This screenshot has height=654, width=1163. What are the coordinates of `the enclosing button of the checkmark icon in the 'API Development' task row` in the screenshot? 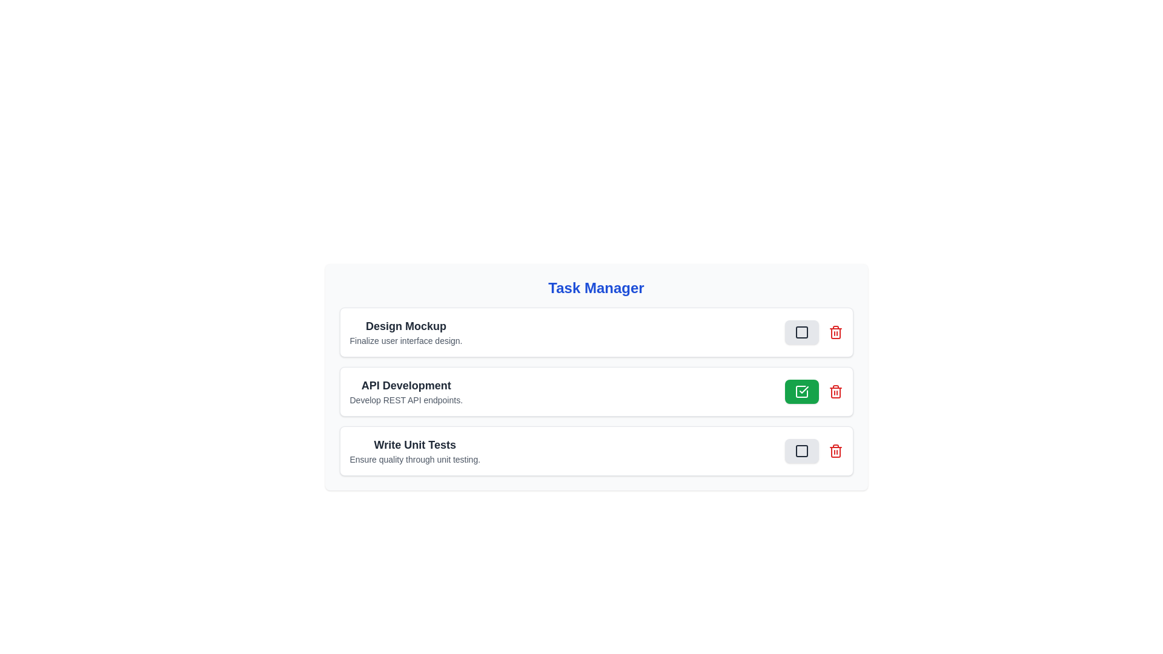 It's located at (803, 390).